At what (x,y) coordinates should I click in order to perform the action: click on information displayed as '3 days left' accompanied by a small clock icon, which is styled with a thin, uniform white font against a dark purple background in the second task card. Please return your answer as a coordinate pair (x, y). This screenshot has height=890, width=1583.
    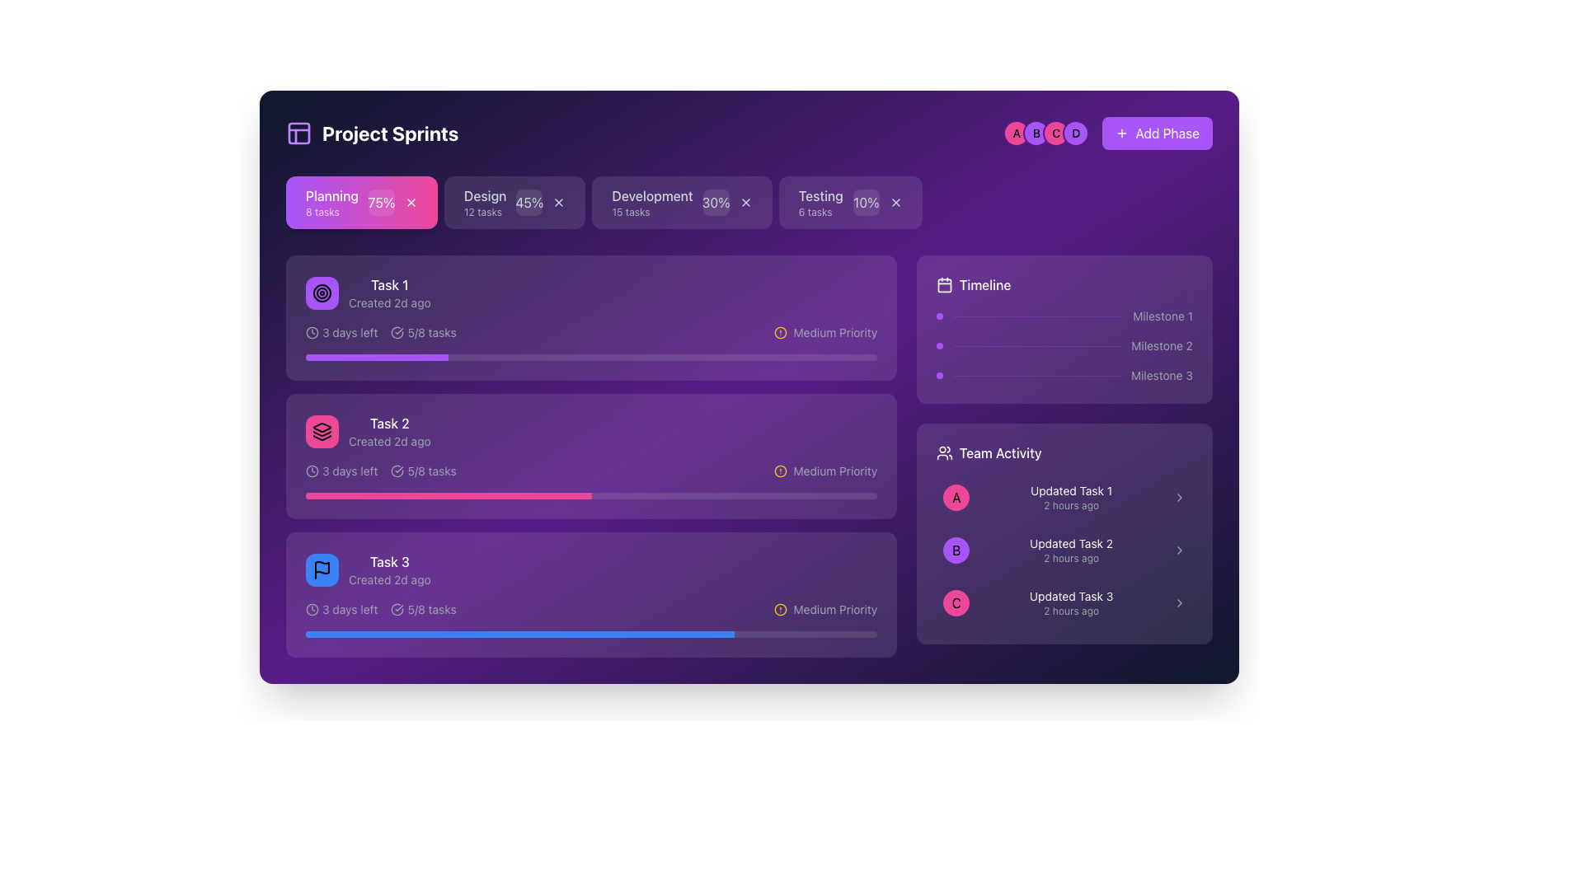
    Looking at the image, I should click on (341, 471).